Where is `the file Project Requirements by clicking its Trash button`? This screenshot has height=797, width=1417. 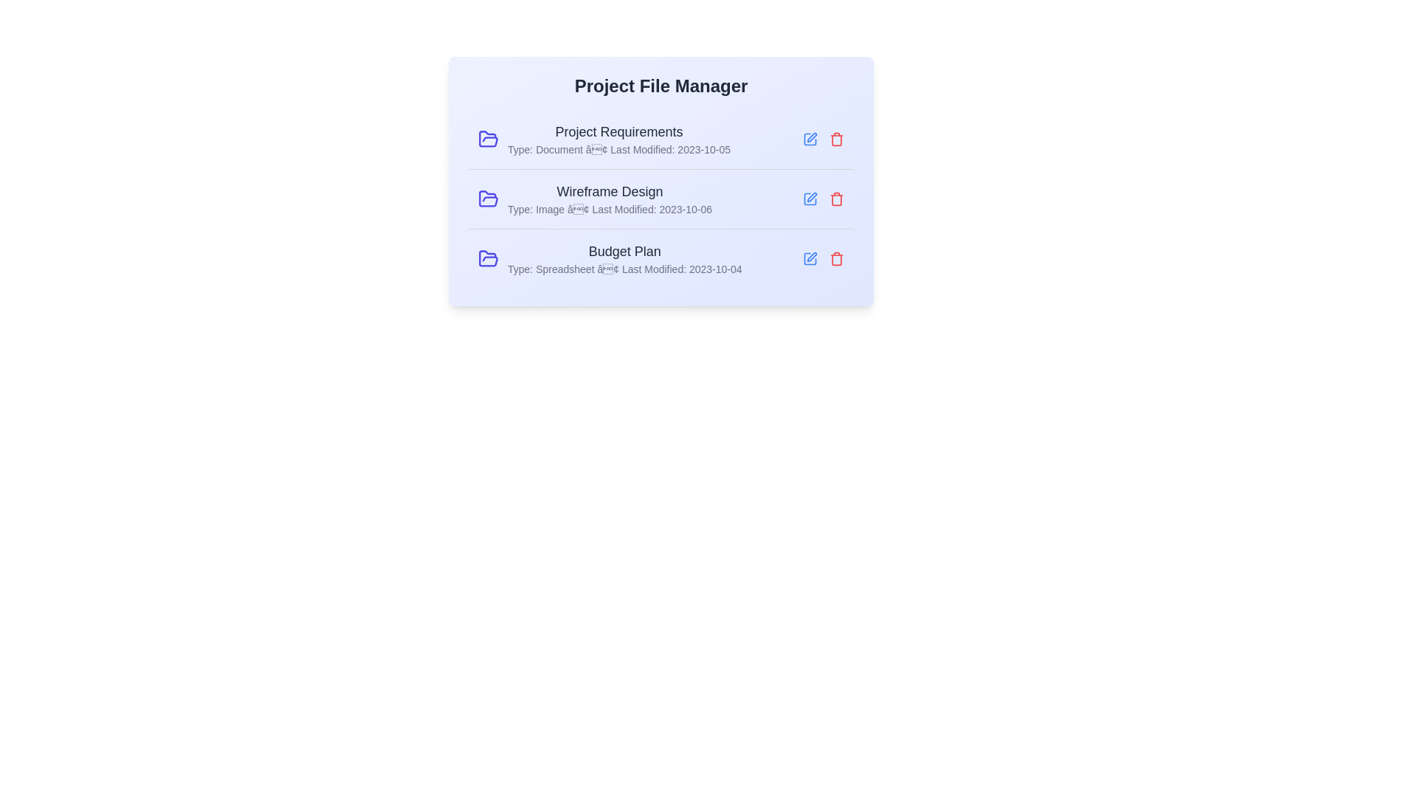 the file Project Requirements by clicking its Trash button is located at coordinates (836, 139).